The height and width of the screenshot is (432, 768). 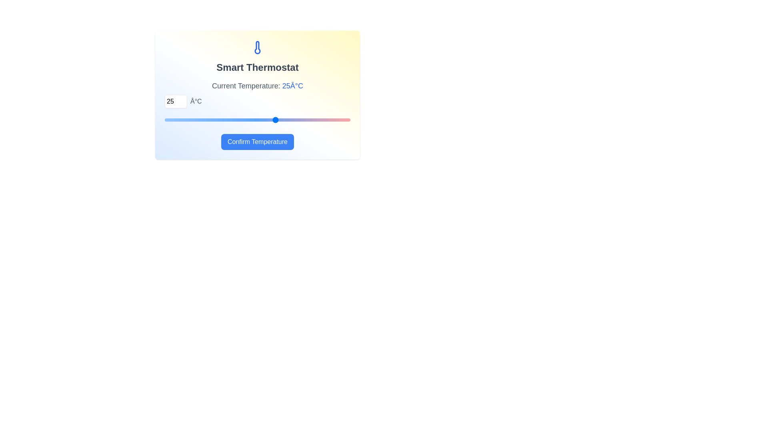 What do you see at coordinates (176, 101) in the screenshot?
I see `the temperature to 30°C using the input field` at bounding box center [176, 101].